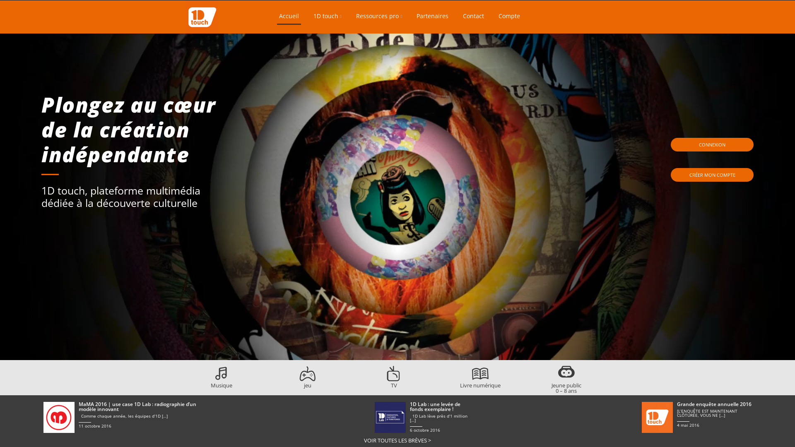  What do you see at coordinates (574, 16) in the screenshot?
I see `'Facebook'` at bounding box center [574, 16].